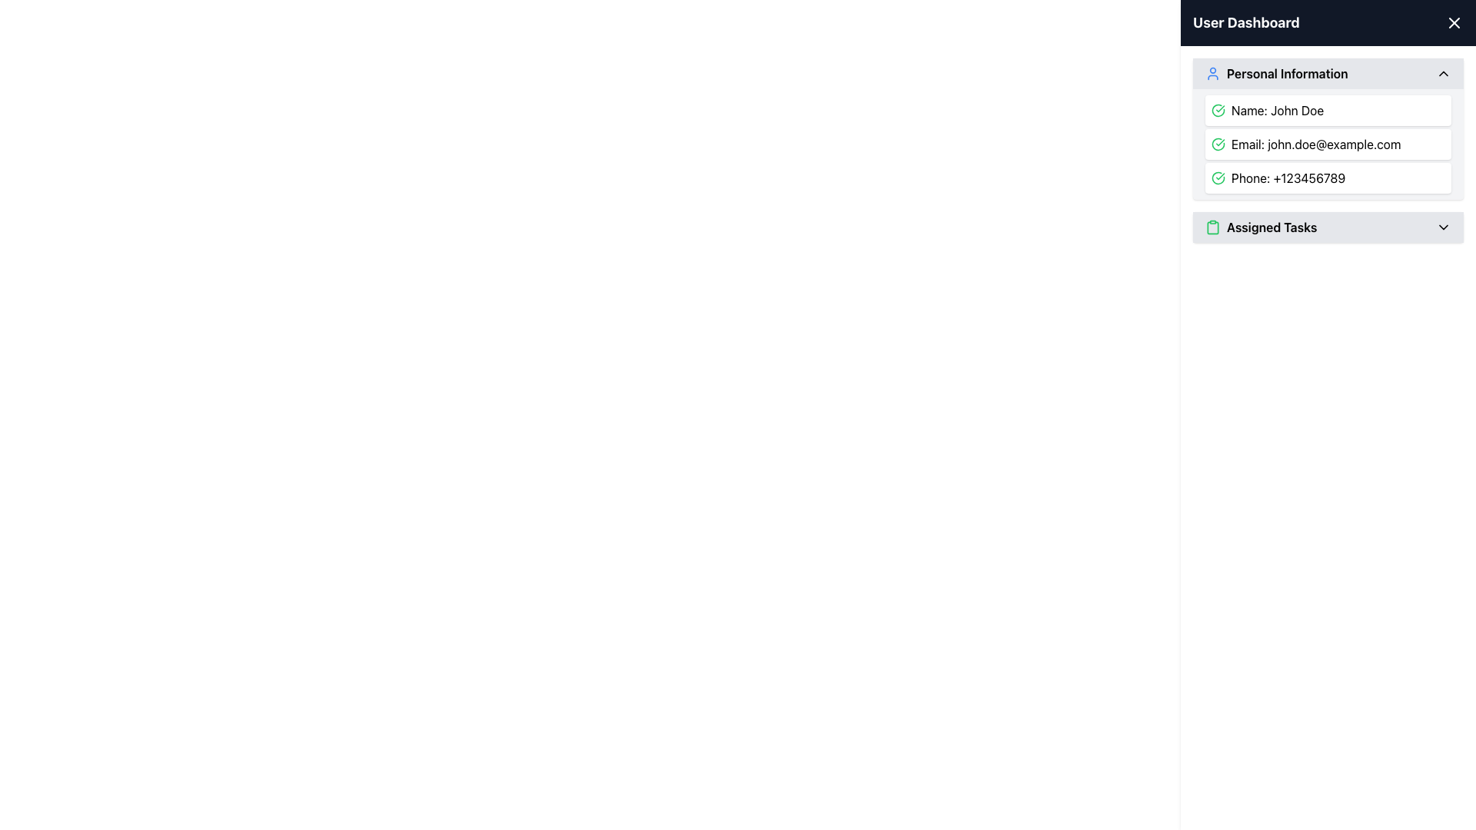  What do you see at coordinates (1453, 23) in the screenshot?
I see `the diagonal cross icon in the top right corner of the 'User Dashboard' header` at bounding box center [1453, 23].